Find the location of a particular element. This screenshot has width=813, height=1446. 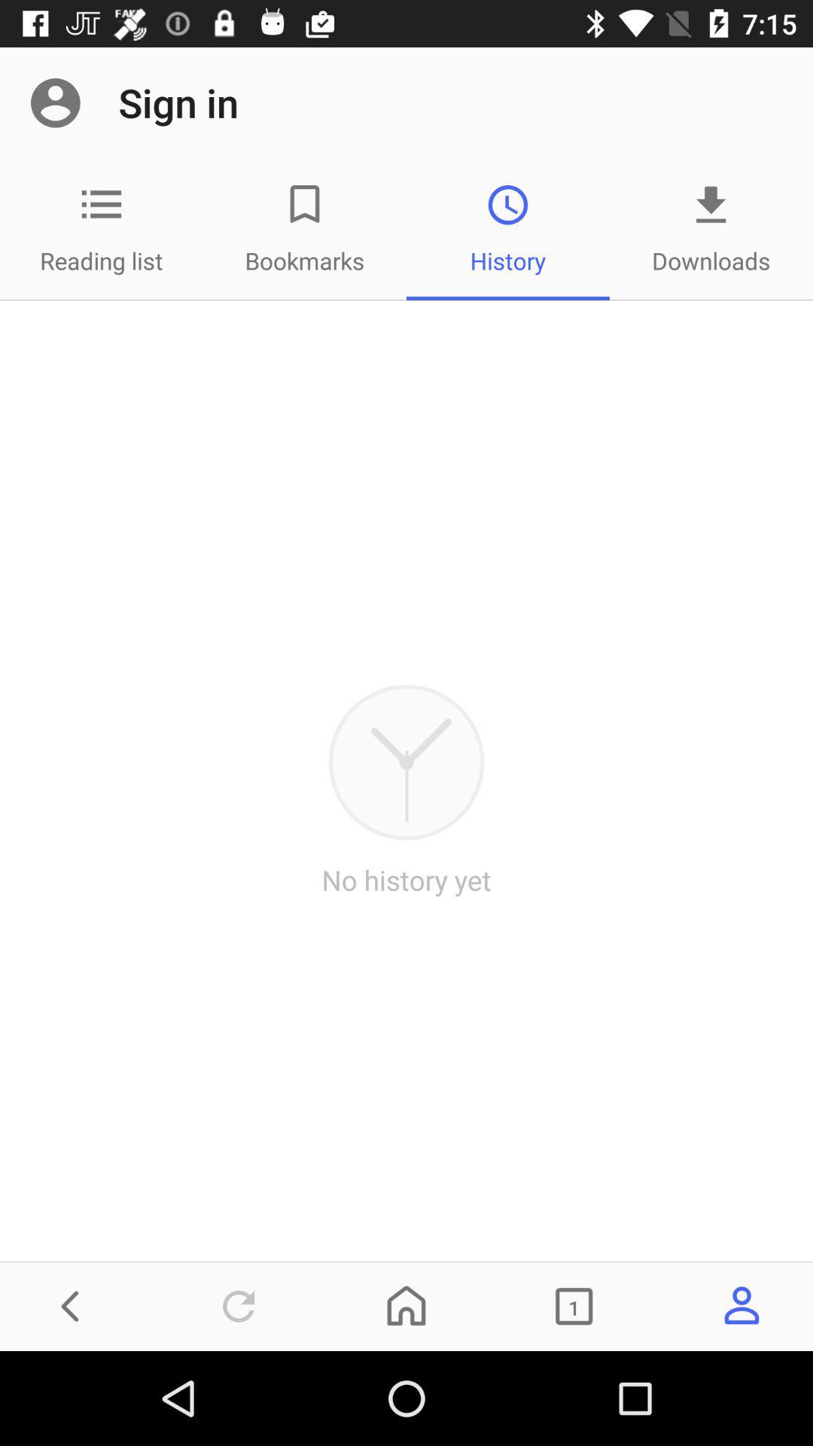

the button between bookmarks and downloads is located at coordinates (508, 228).